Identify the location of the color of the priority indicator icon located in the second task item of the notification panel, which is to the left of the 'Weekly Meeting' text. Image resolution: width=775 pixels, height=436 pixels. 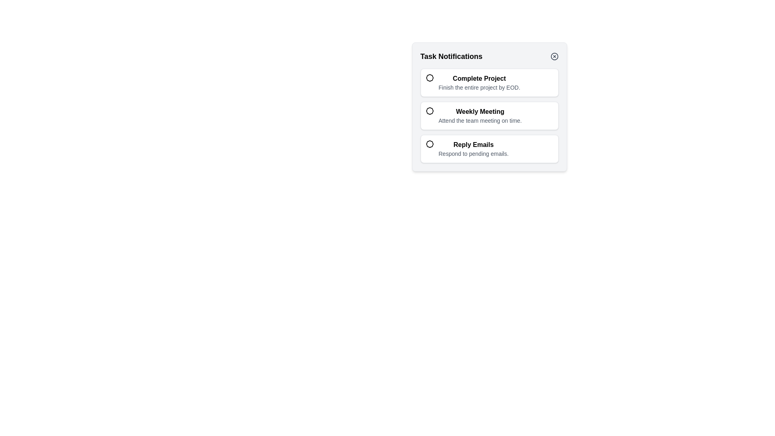
(429, 111).